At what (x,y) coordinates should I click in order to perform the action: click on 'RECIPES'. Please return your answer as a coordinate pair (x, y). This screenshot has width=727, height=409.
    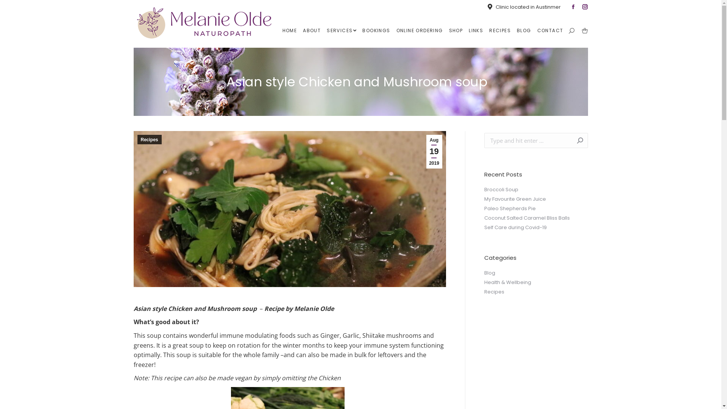
    Looking at the image, I should click on (500, 30).